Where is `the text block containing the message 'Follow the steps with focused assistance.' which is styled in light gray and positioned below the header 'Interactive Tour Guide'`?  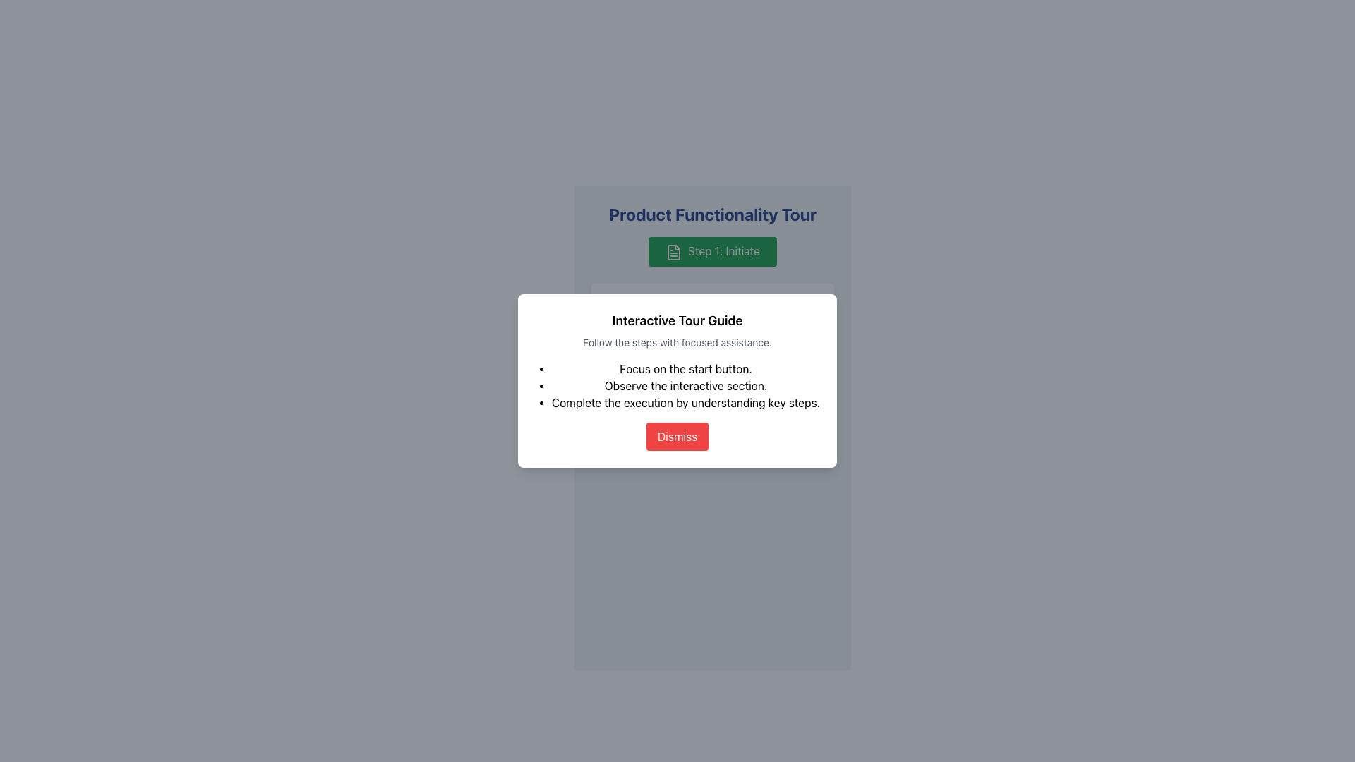 the text block containing the message 'Follow the steps with focused assistance.' which is styled in light gray and positioned below the header 'Interactive Tour Guide' is located at coordinates (677, 343).